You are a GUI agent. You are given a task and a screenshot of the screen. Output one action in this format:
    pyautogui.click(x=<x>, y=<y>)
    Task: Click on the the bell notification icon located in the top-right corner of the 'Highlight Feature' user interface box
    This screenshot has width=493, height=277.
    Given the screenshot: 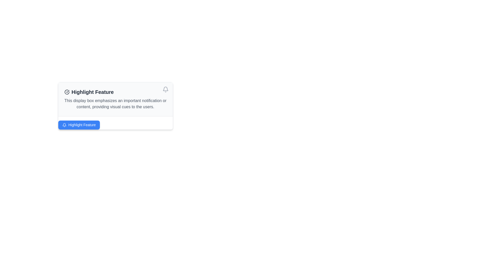 What is the action you would take?
    pyautogui.click(x=165, y=88)
    